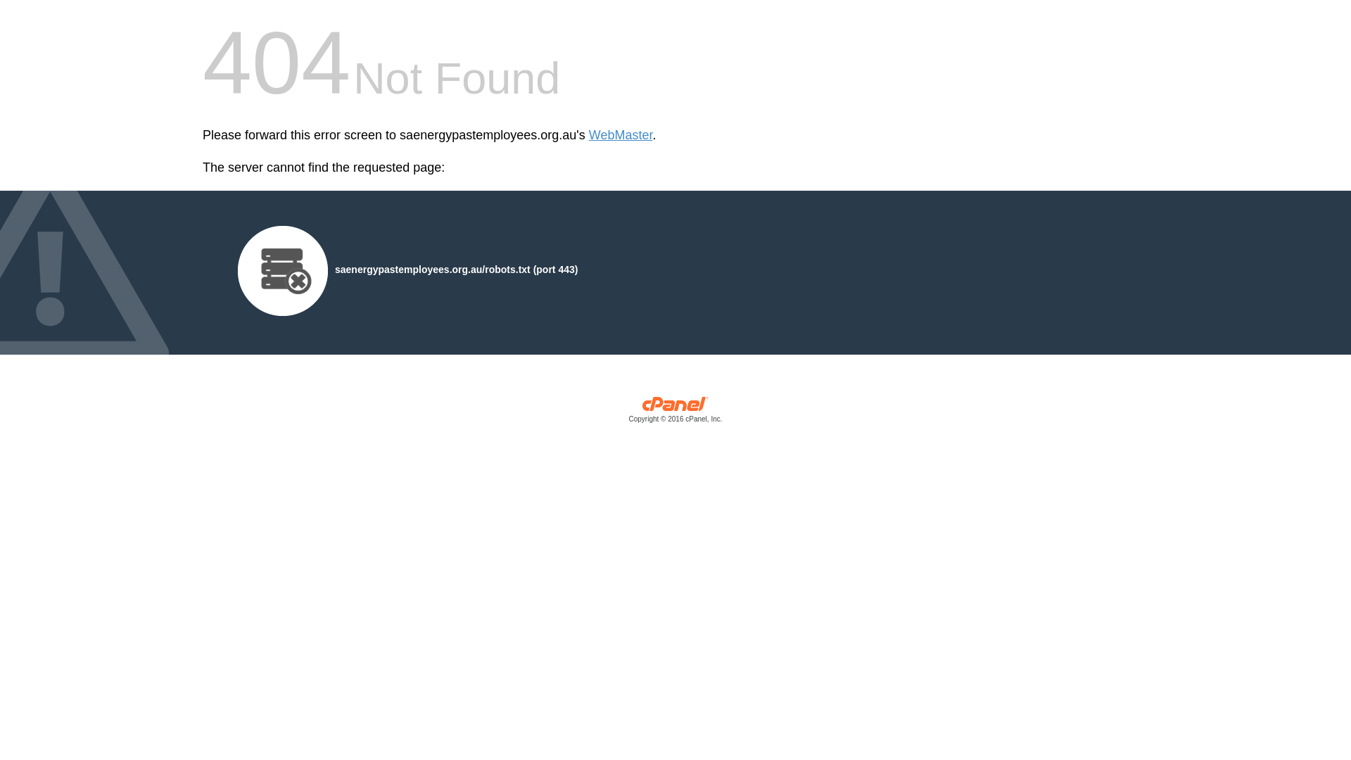  I want to click on 'WebMaster', so click(620, 135).